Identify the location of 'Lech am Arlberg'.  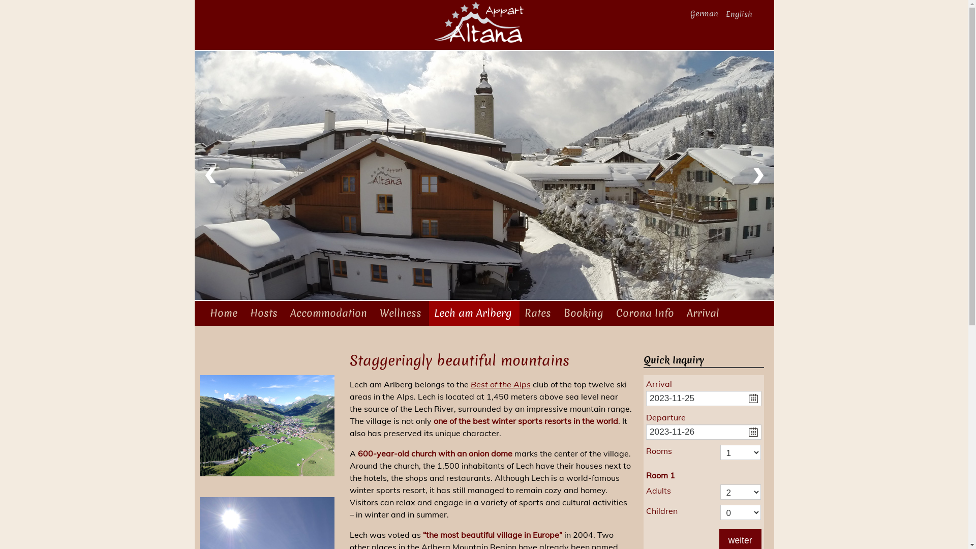
(473, 313).